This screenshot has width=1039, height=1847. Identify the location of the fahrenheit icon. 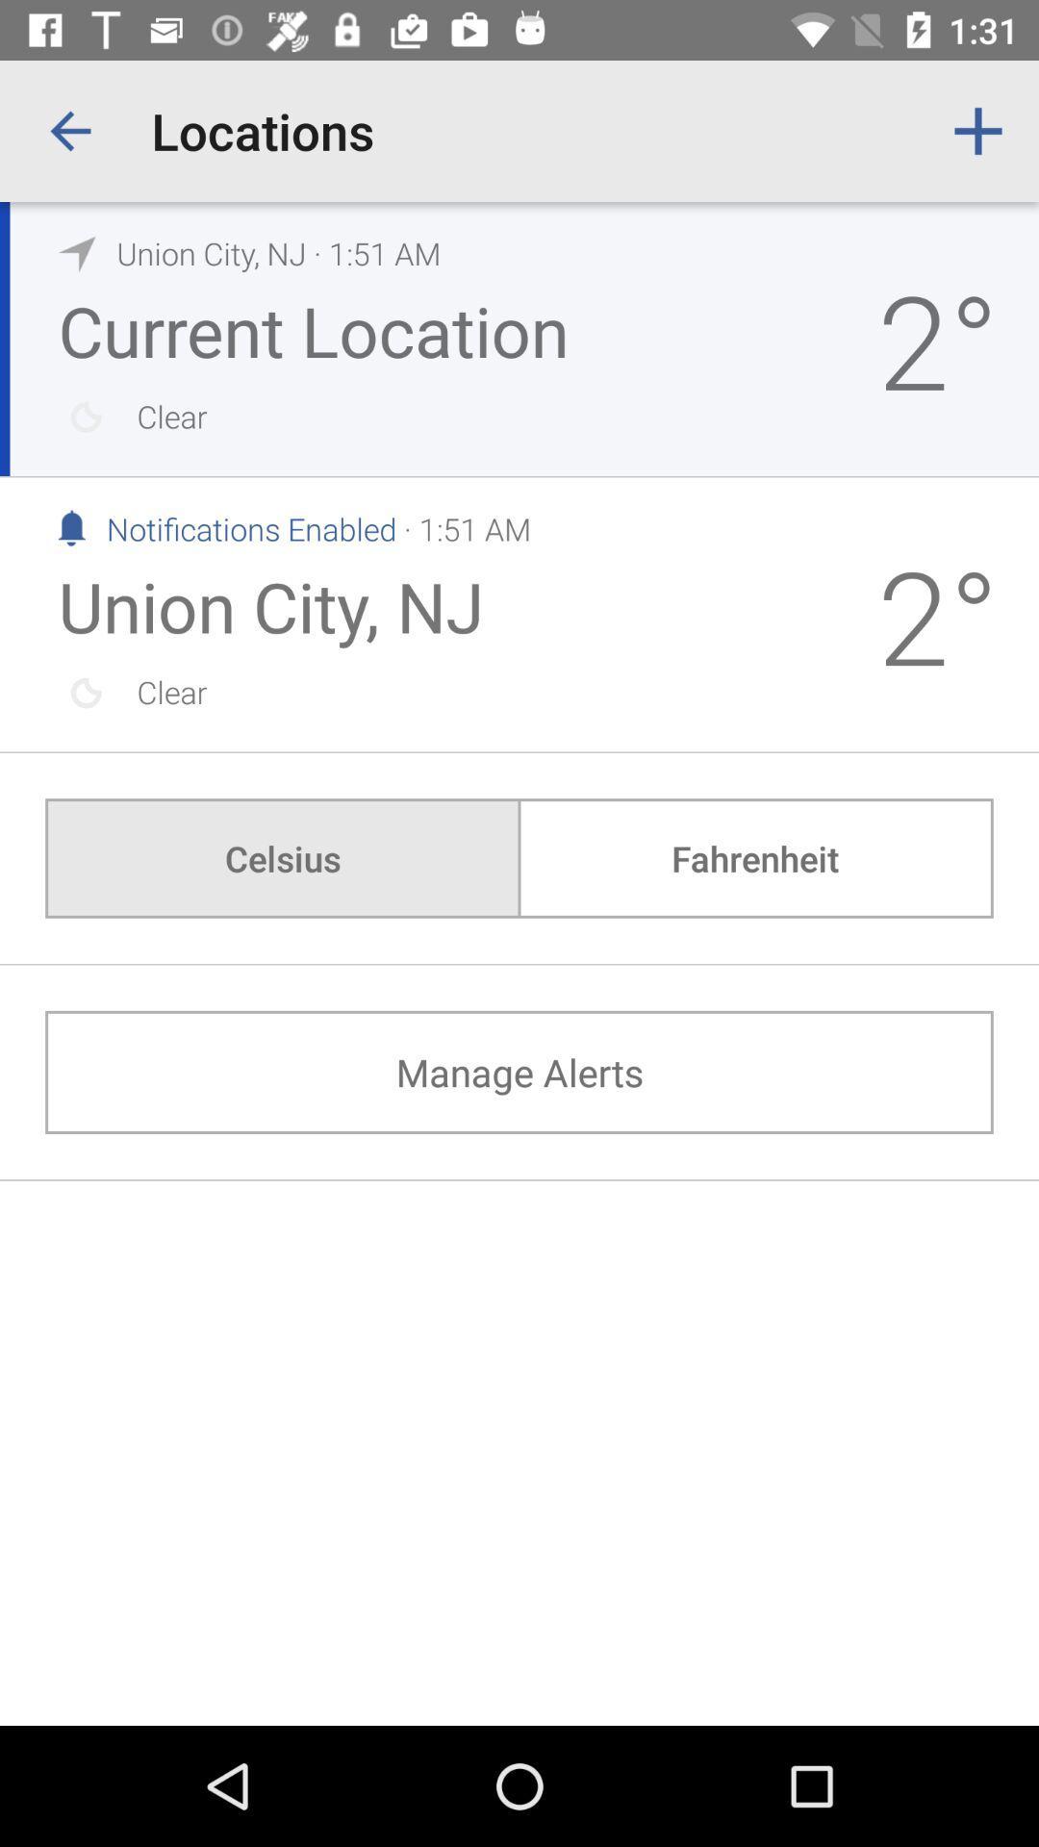
(754, 857).